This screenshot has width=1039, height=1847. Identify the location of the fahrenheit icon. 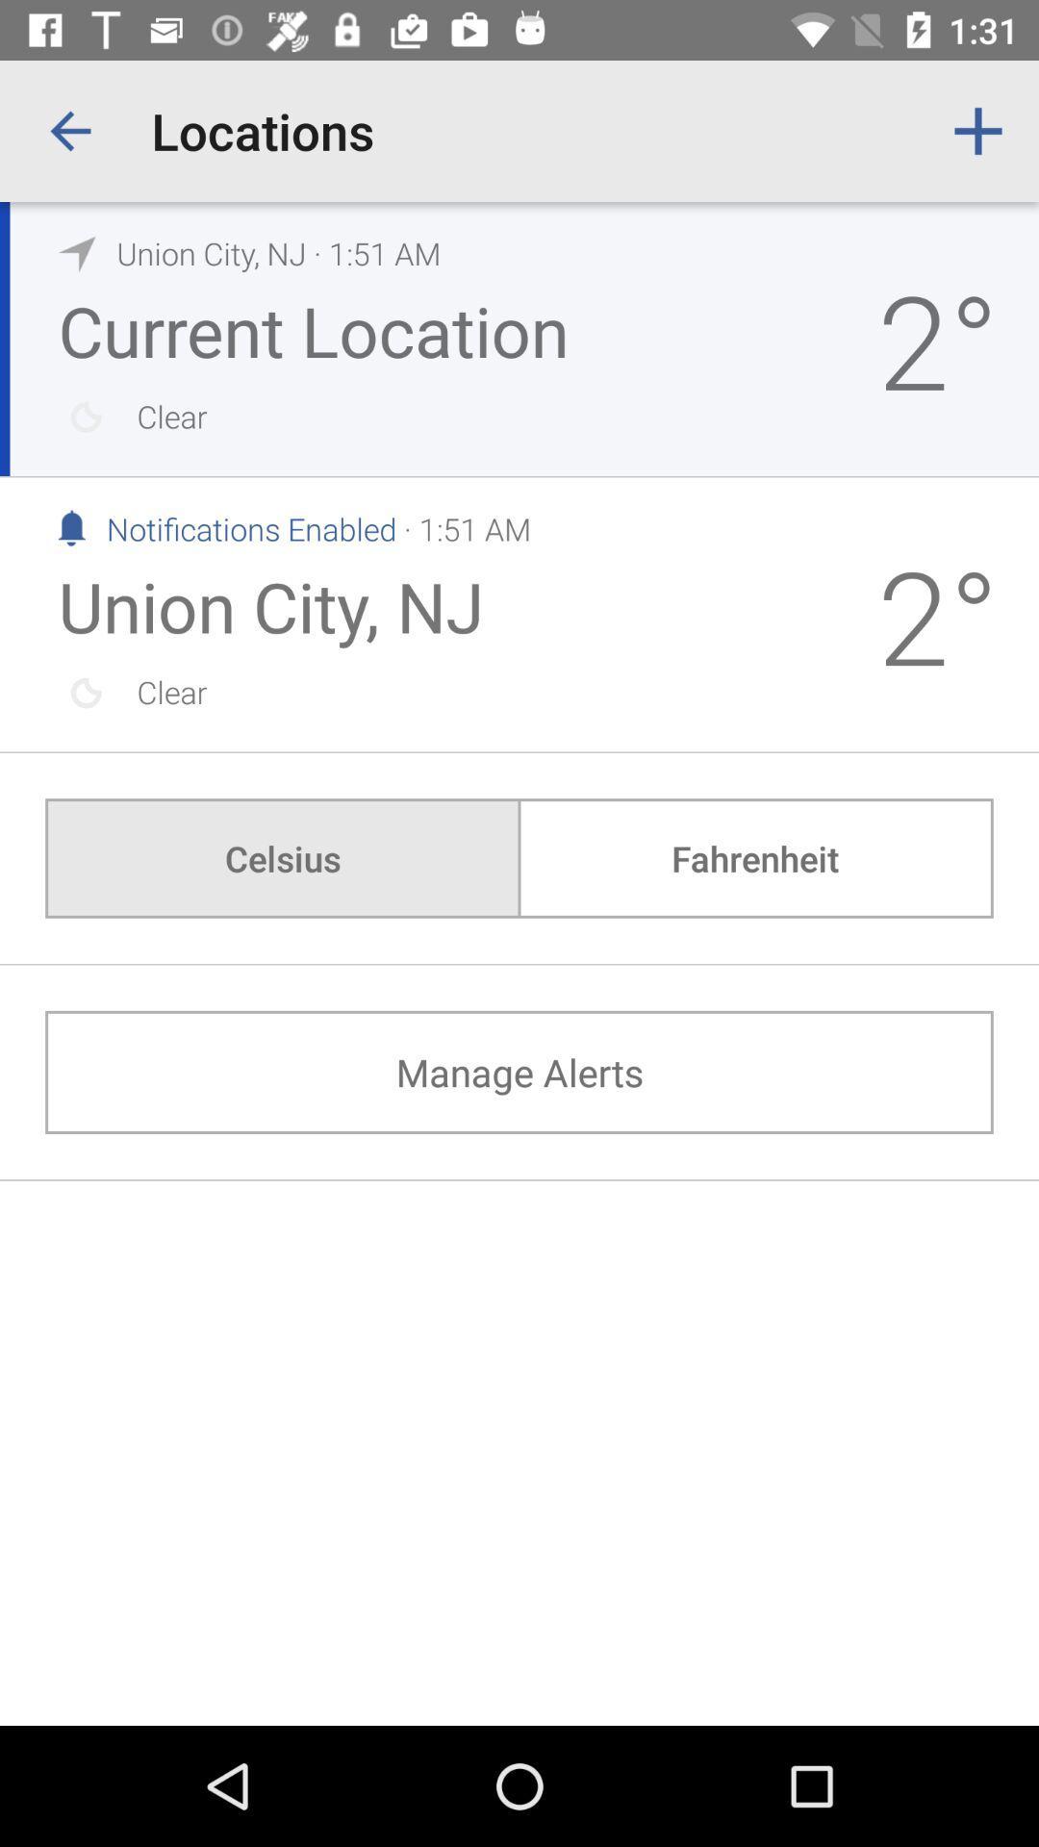
(754, 857).